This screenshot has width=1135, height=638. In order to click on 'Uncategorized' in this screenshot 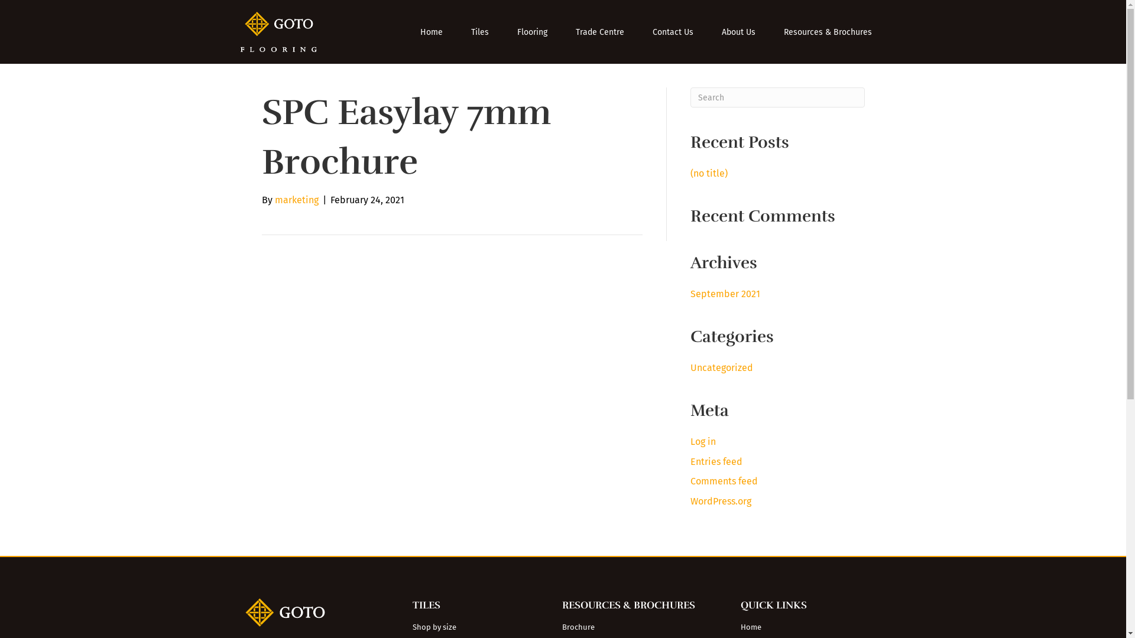, I will do `click(690, 367)`.